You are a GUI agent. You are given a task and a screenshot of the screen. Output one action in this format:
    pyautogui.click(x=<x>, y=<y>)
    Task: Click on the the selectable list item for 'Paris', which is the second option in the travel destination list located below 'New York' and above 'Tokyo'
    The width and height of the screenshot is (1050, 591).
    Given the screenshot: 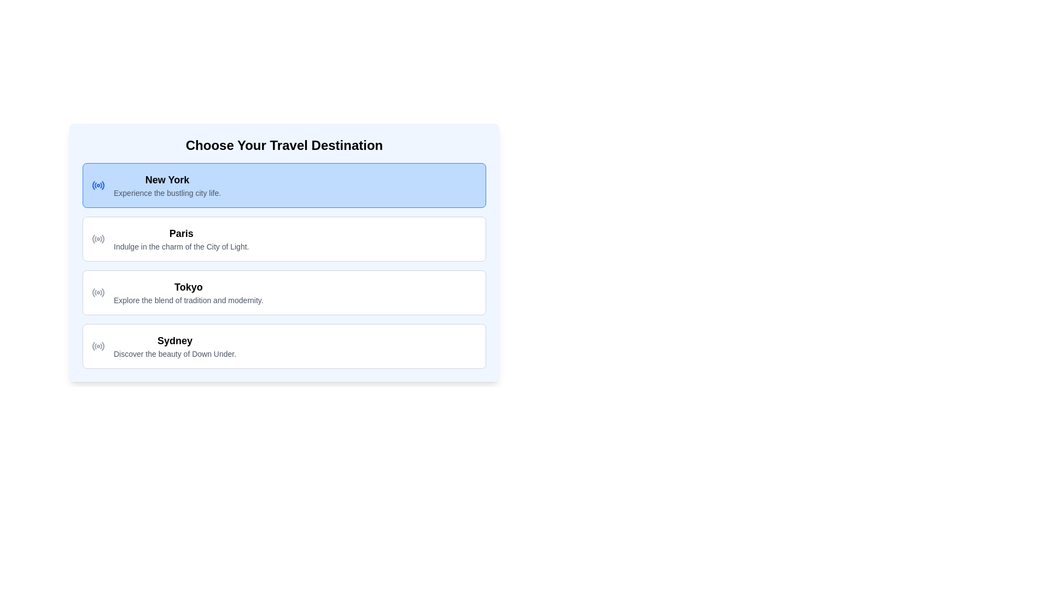 What is the action you would take?
    pyautogui.click(x=284, y=238)
    